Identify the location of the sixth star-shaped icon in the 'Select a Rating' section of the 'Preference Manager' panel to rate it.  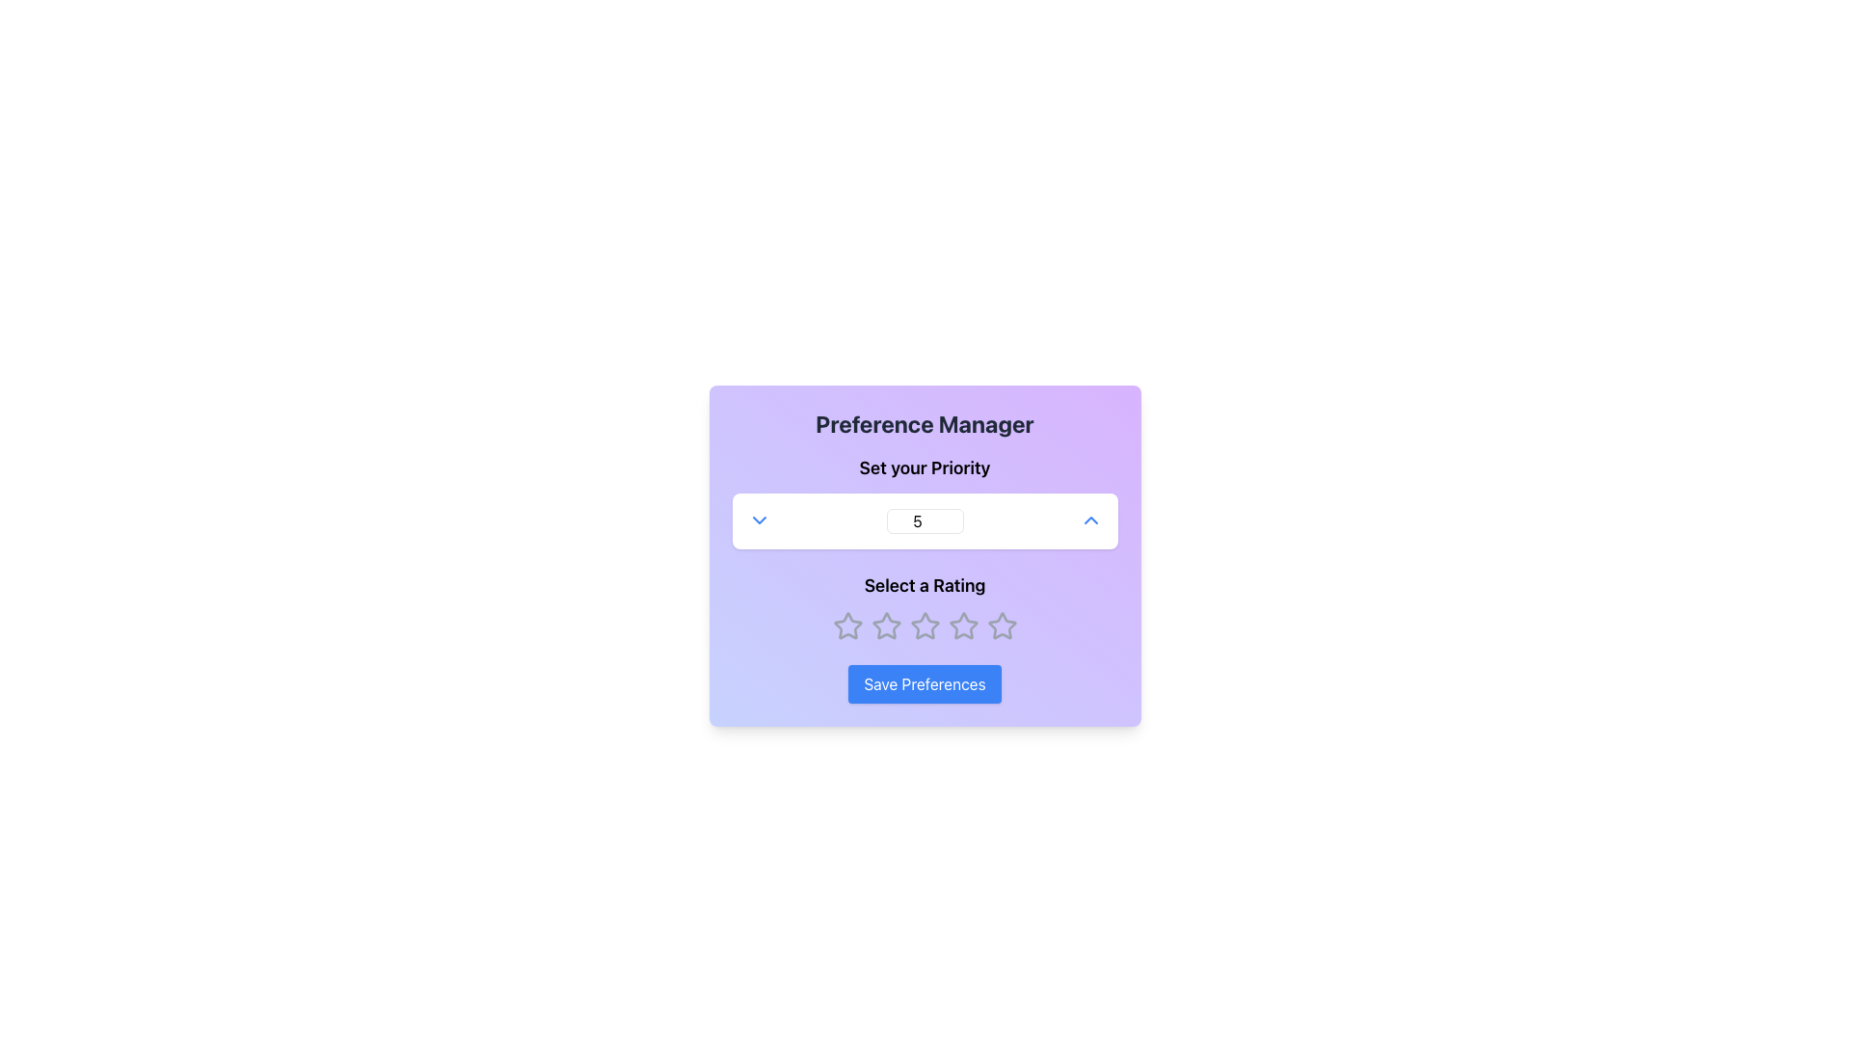
(963, 627).